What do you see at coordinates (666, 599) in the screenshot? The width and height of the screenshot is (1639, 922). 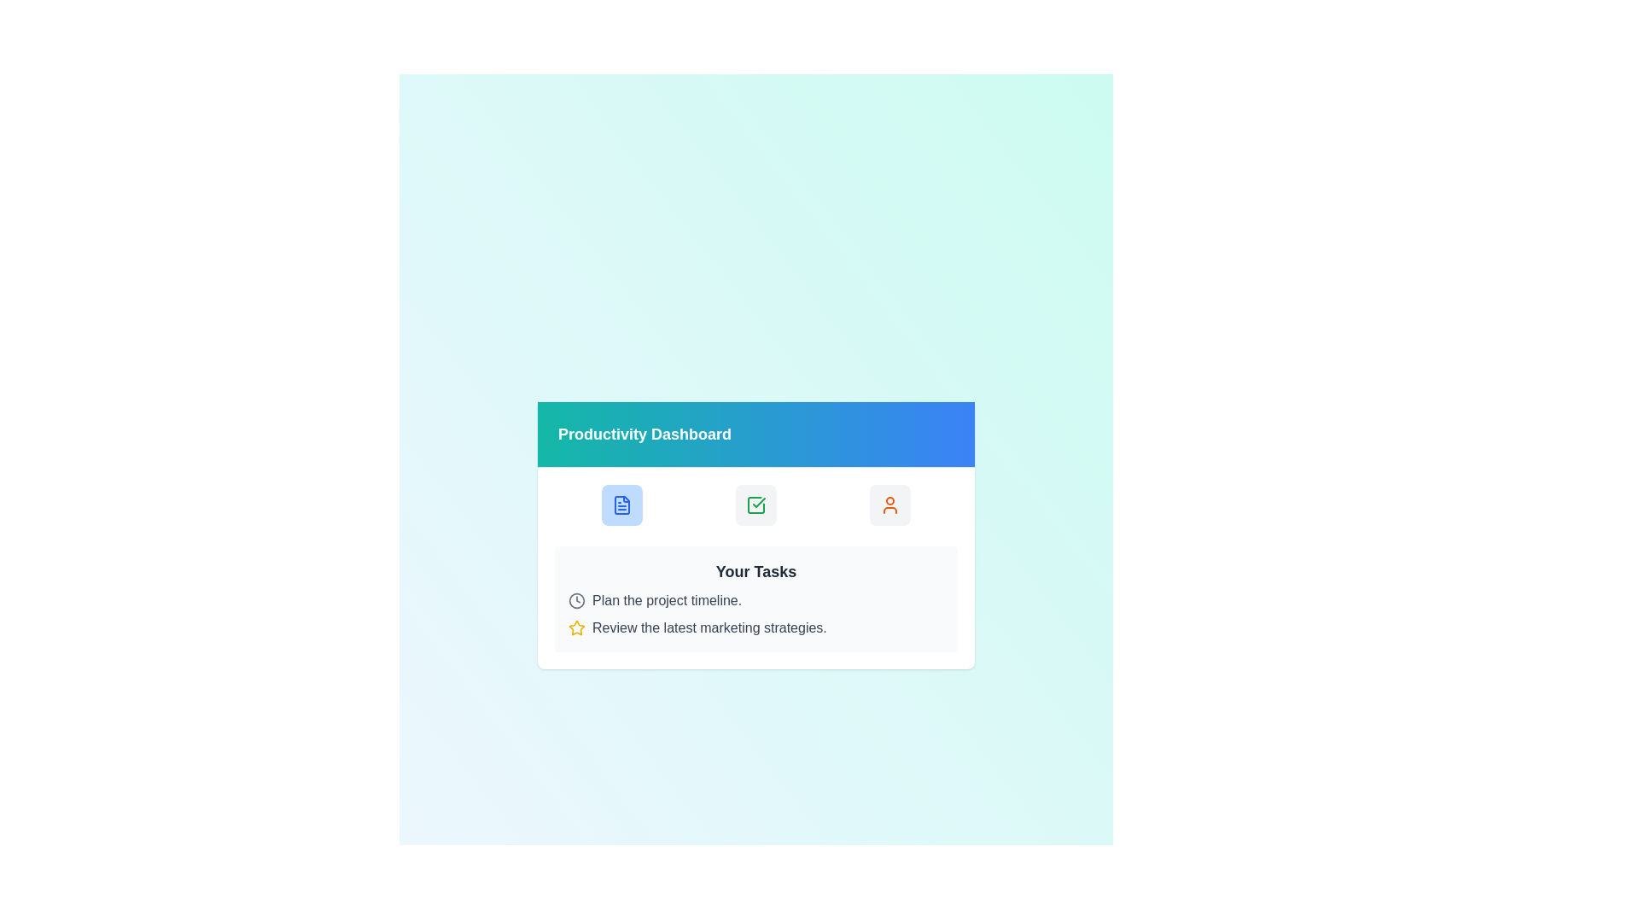 I see `text content of the label displaying the description or title of a task located in the 'Your Tasks' section, positioned to the right of a clock icon` at bounding box center [666, 599].